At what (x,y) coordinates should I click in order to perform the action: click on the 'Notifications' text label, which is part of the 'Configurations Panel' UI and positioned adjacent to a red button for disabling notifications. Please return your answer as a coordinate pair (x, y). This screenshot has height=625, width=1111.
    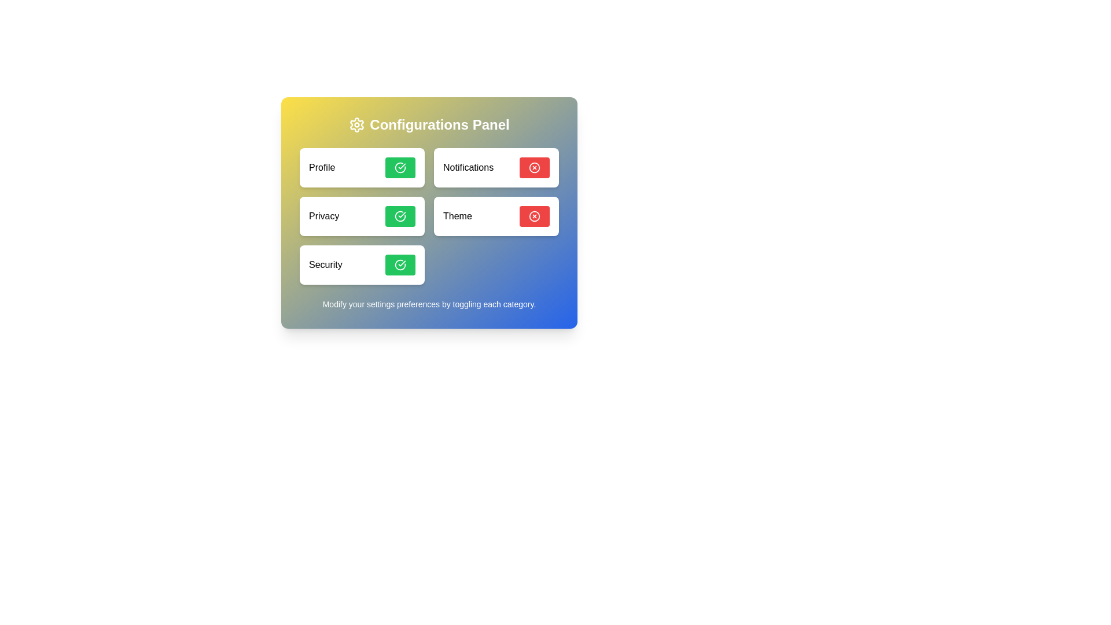
    Looking at the image, I should click on (468, 167).